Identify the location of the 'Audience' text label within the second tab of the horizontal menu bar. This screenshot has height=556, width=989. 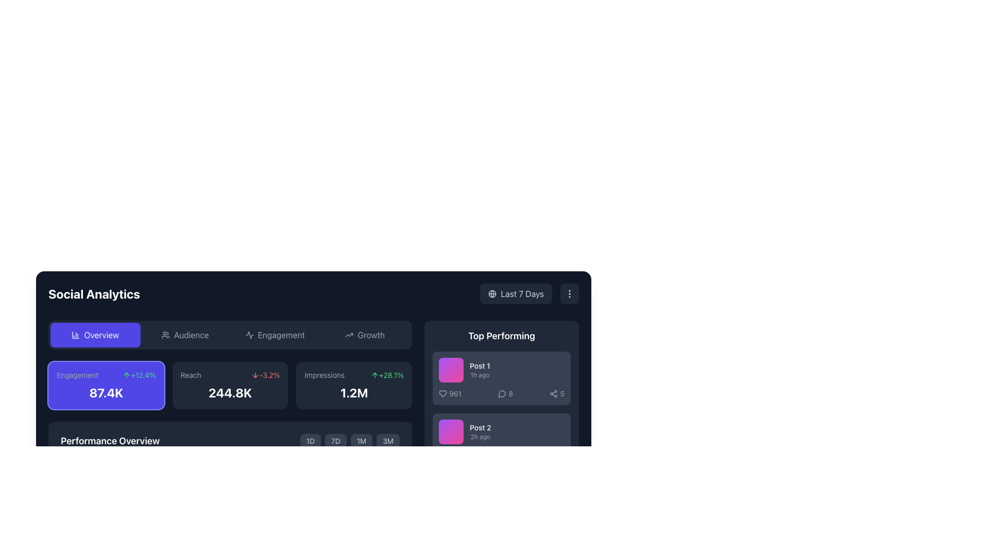
(191, 335).